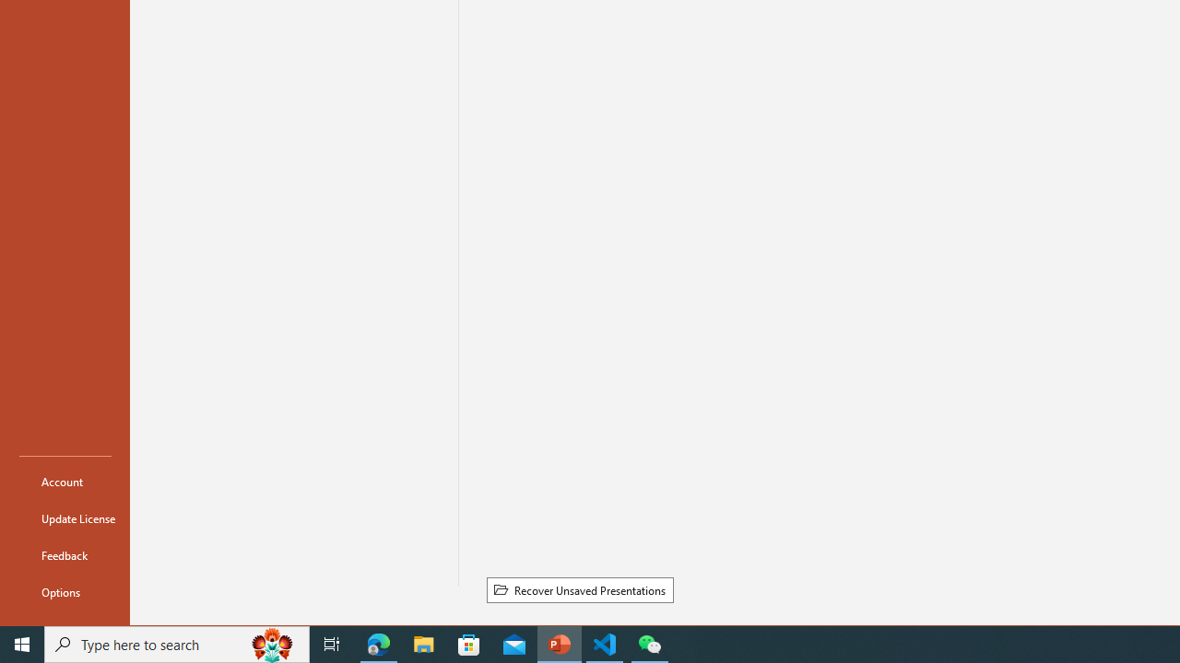 This screenshot has width=1180, height=663. I want to click on 'Options', so click(65, 591).